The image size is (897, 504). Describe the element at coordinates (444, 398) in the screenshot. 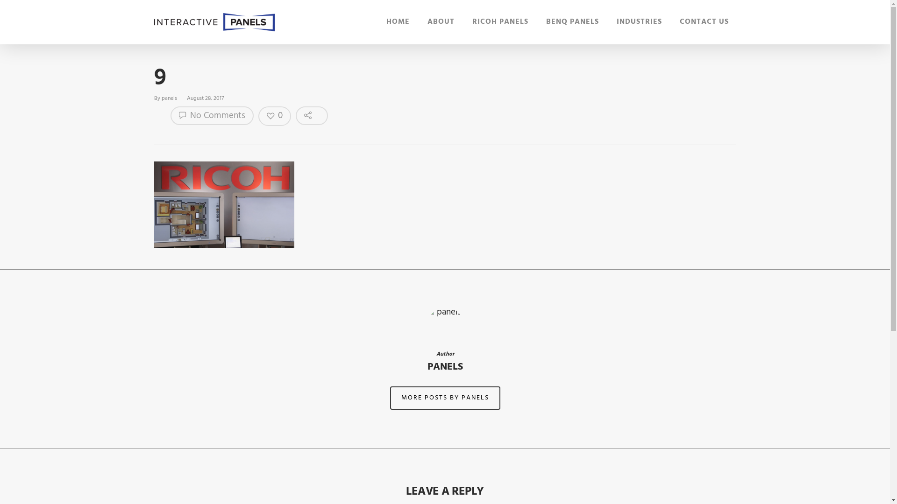

I see `'MORE POSTS BY PANELS'` at that location.